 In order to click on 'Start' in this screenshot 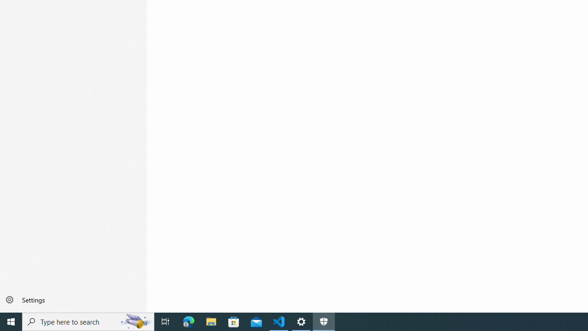, I will do `click(11, 321)`.